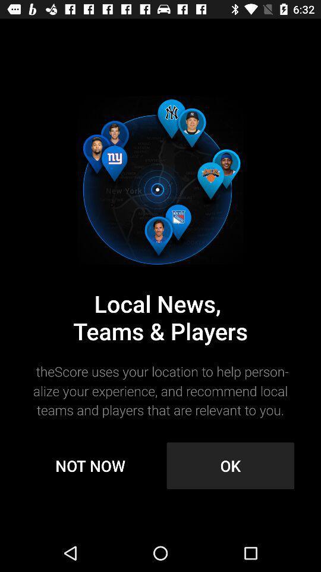  I want to click on ok icon, so click(230, 465).